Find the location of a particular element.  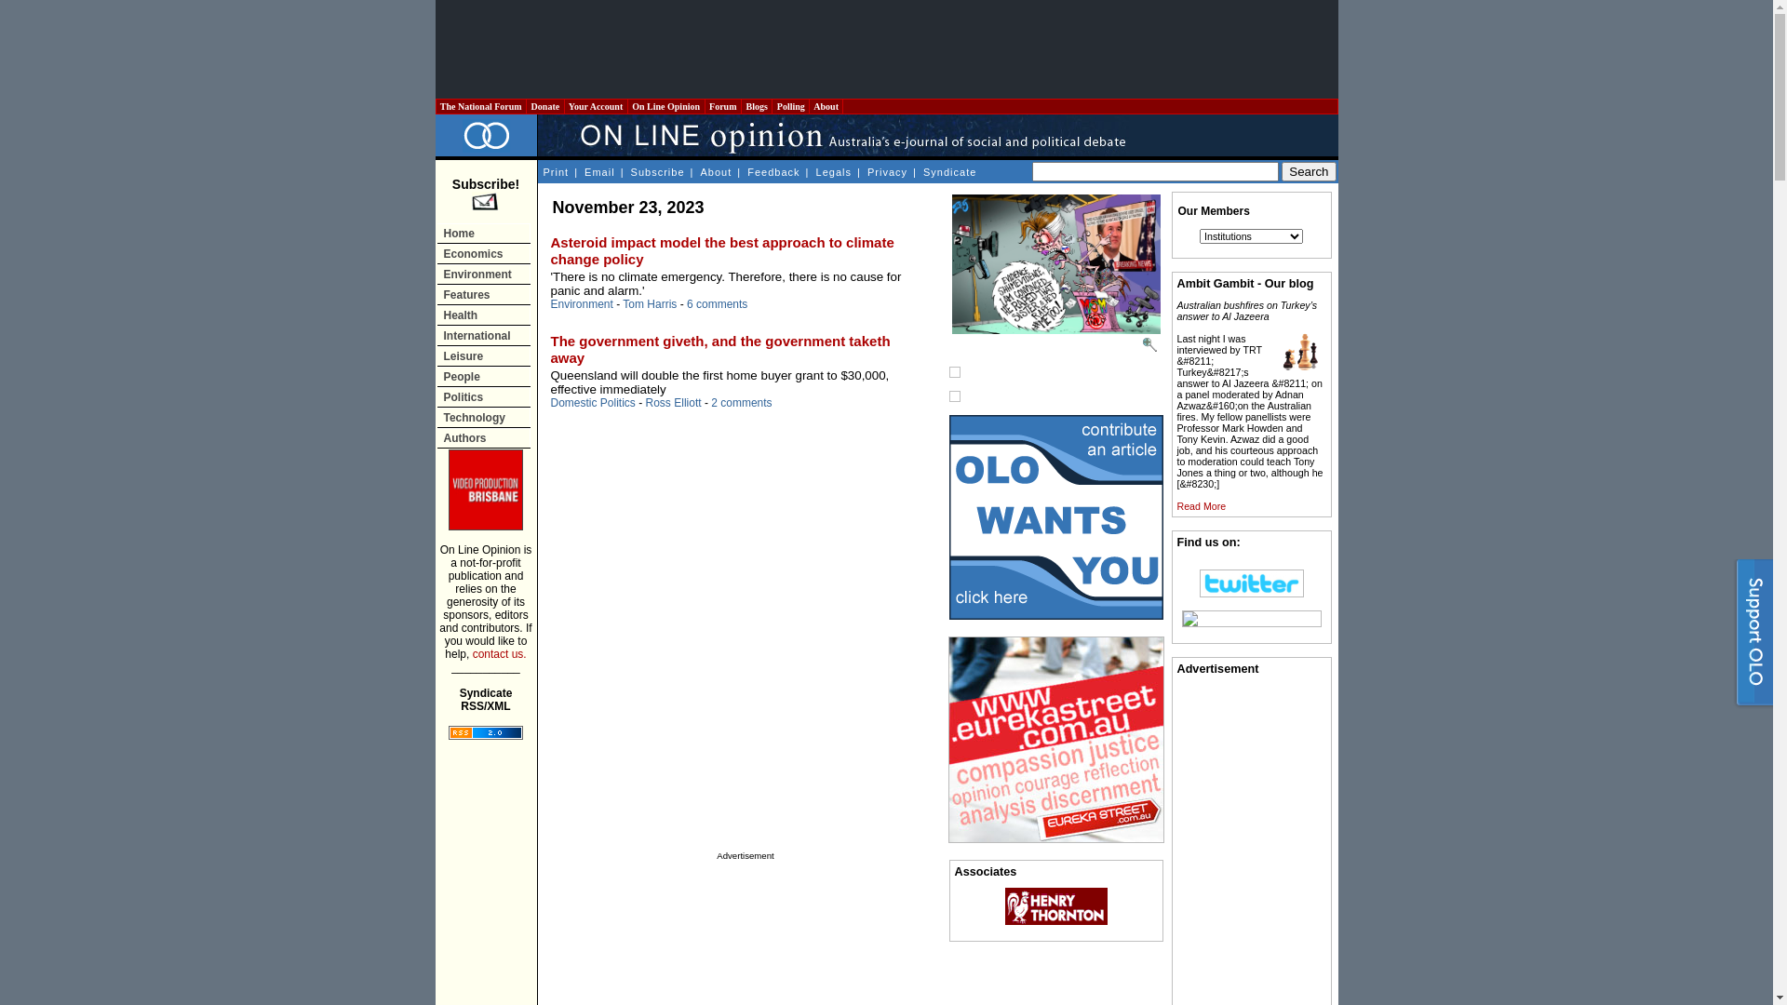

'2 comments' is located at coordinates (740, 401).